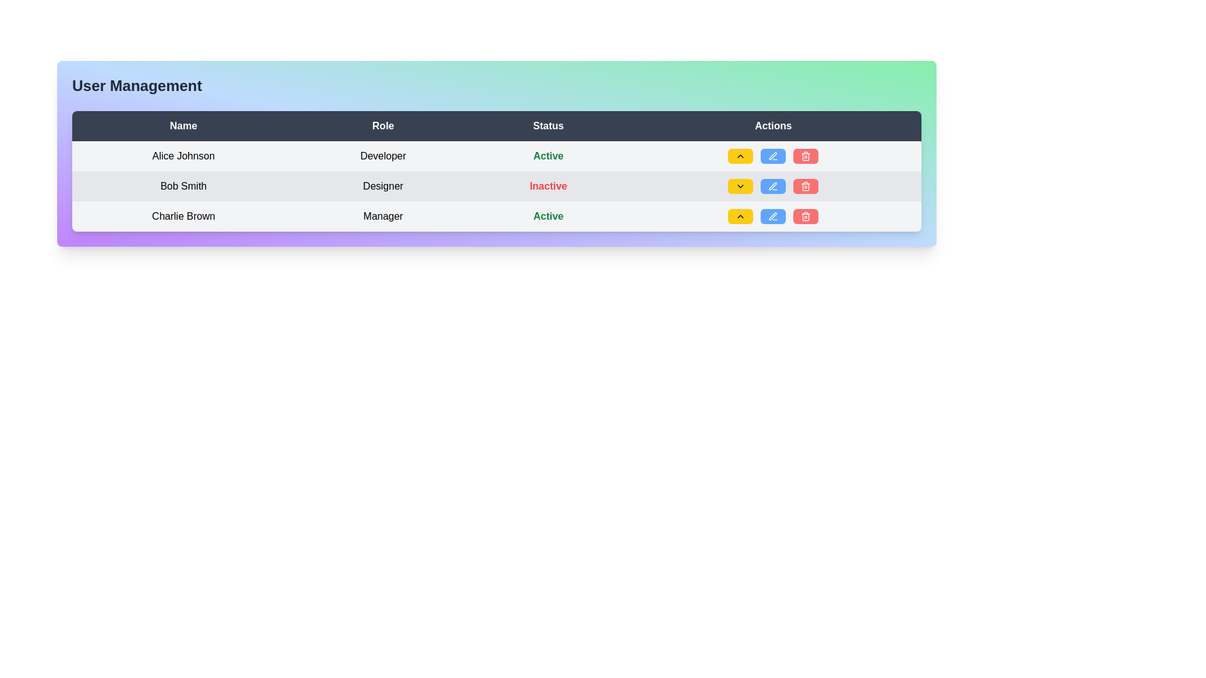 This screenshot has width=1206, height=678. What do you see at coordinates (806, 215) in the screenshot?
I see `the delete button associated with 'Charlie Brown' to change its background color` at bounding box center [806, 215].